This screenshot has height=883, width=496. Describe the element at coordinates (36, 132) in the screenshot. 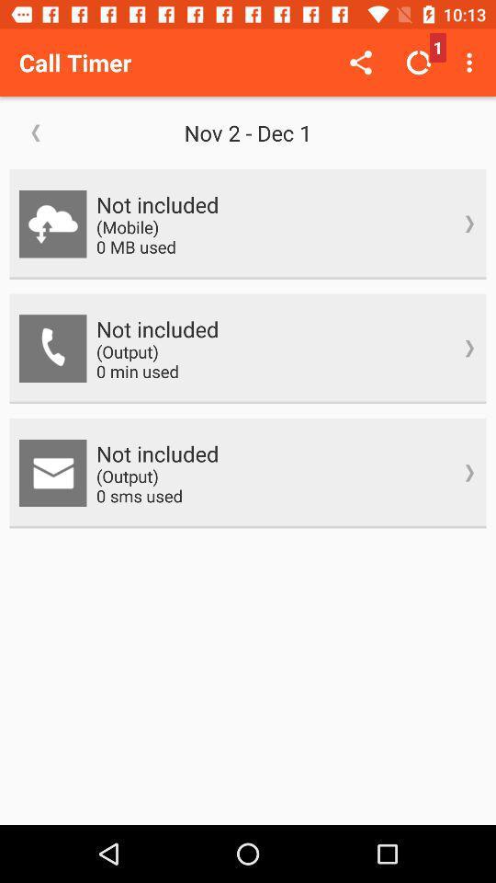

I see `go back` at that location.